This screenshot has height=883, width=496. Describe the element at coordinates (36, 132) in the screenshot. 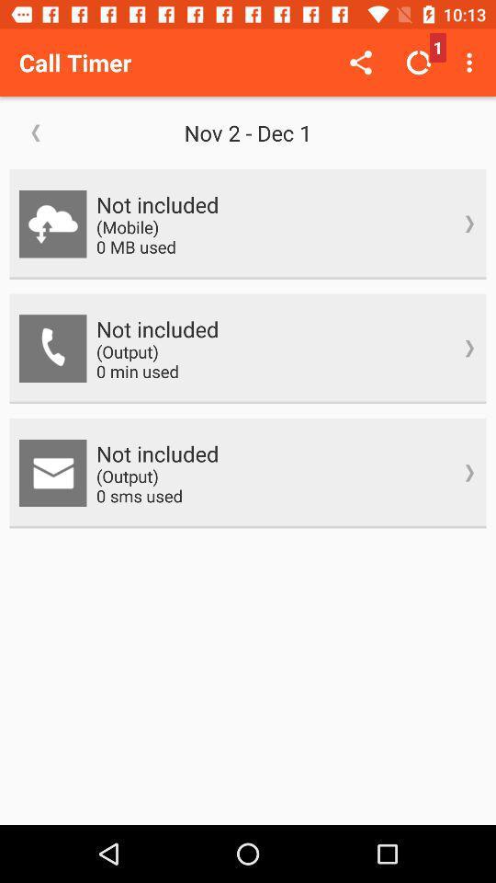

I see `go back` at that location.